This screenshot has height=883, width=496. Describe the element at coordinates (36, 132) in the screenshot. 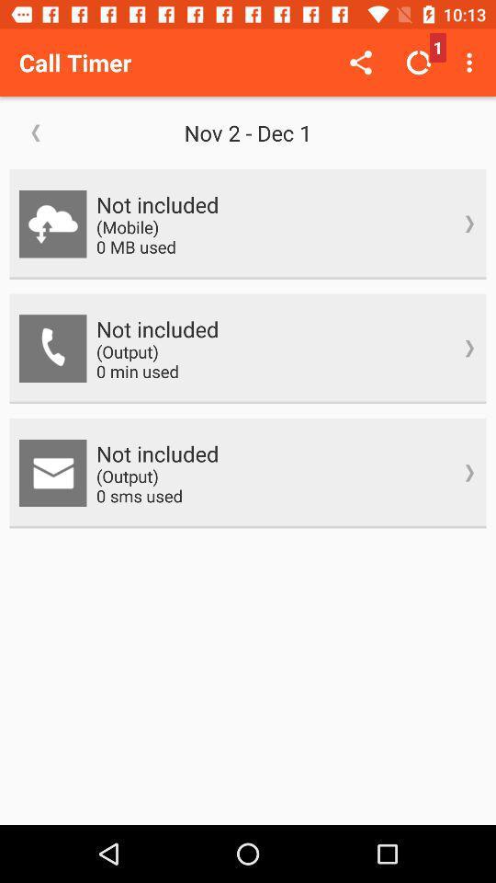

I see `go back` at that location.